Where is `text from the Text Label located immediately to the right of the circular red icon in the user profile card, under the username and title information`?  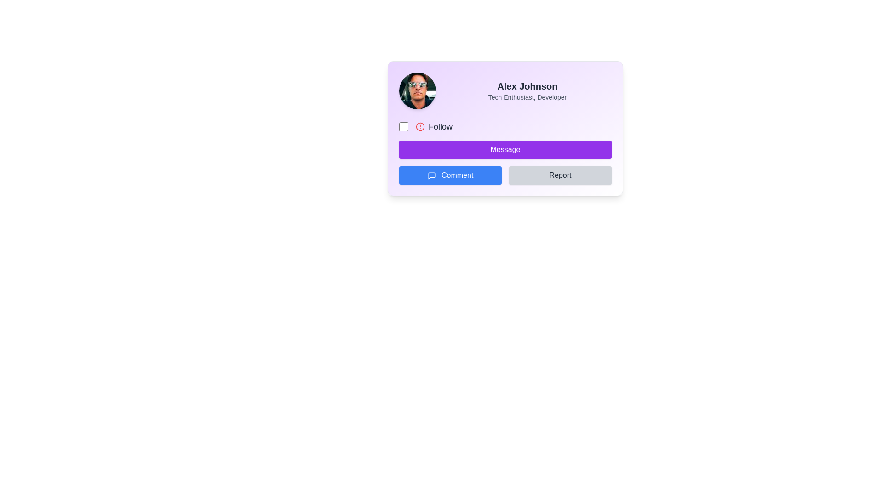 text from the Text Label located immediately to the right of the circular red icon in the user profile card, under the username and title information is located at coordinates (440, 127).